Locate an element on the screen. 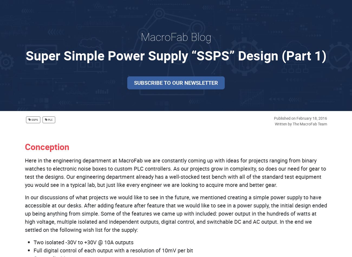 Image resolution: width=352 pixels, height=257 pixels. 'Prepare for Q1 in Advance to Avoid Any Potential Delays. Time is ticking–place your orders now!' is located at coordinates (80, 243).